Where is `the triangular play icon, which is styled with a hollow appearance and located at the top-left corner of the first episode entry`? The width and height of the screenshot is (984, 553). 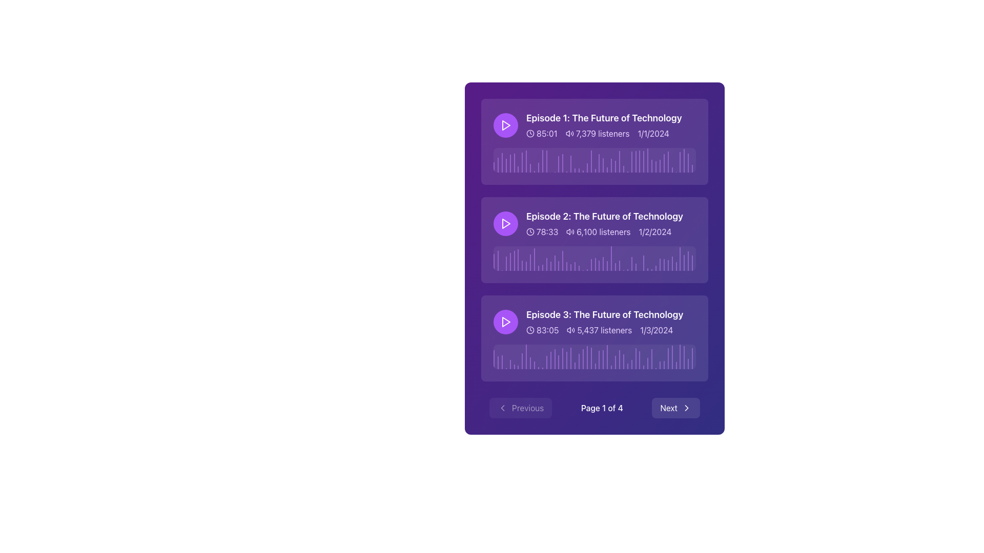
the triangular play icon, which is styled with a hollow appearance and located at the top-left corner of the first episode entry is located at coordinates (506, 125).